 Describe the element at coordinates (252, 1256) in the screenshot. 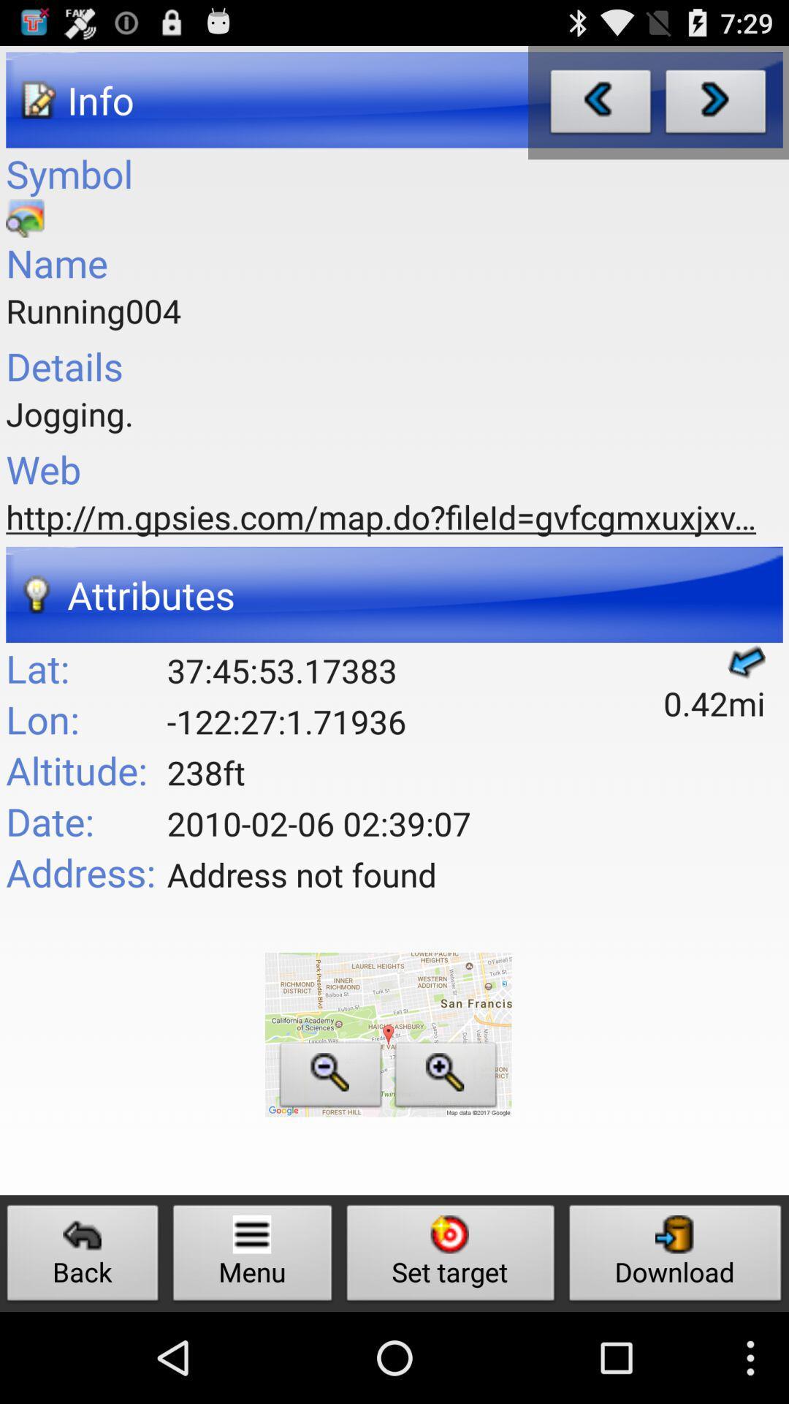

I see `button to the right of back item` at that location.